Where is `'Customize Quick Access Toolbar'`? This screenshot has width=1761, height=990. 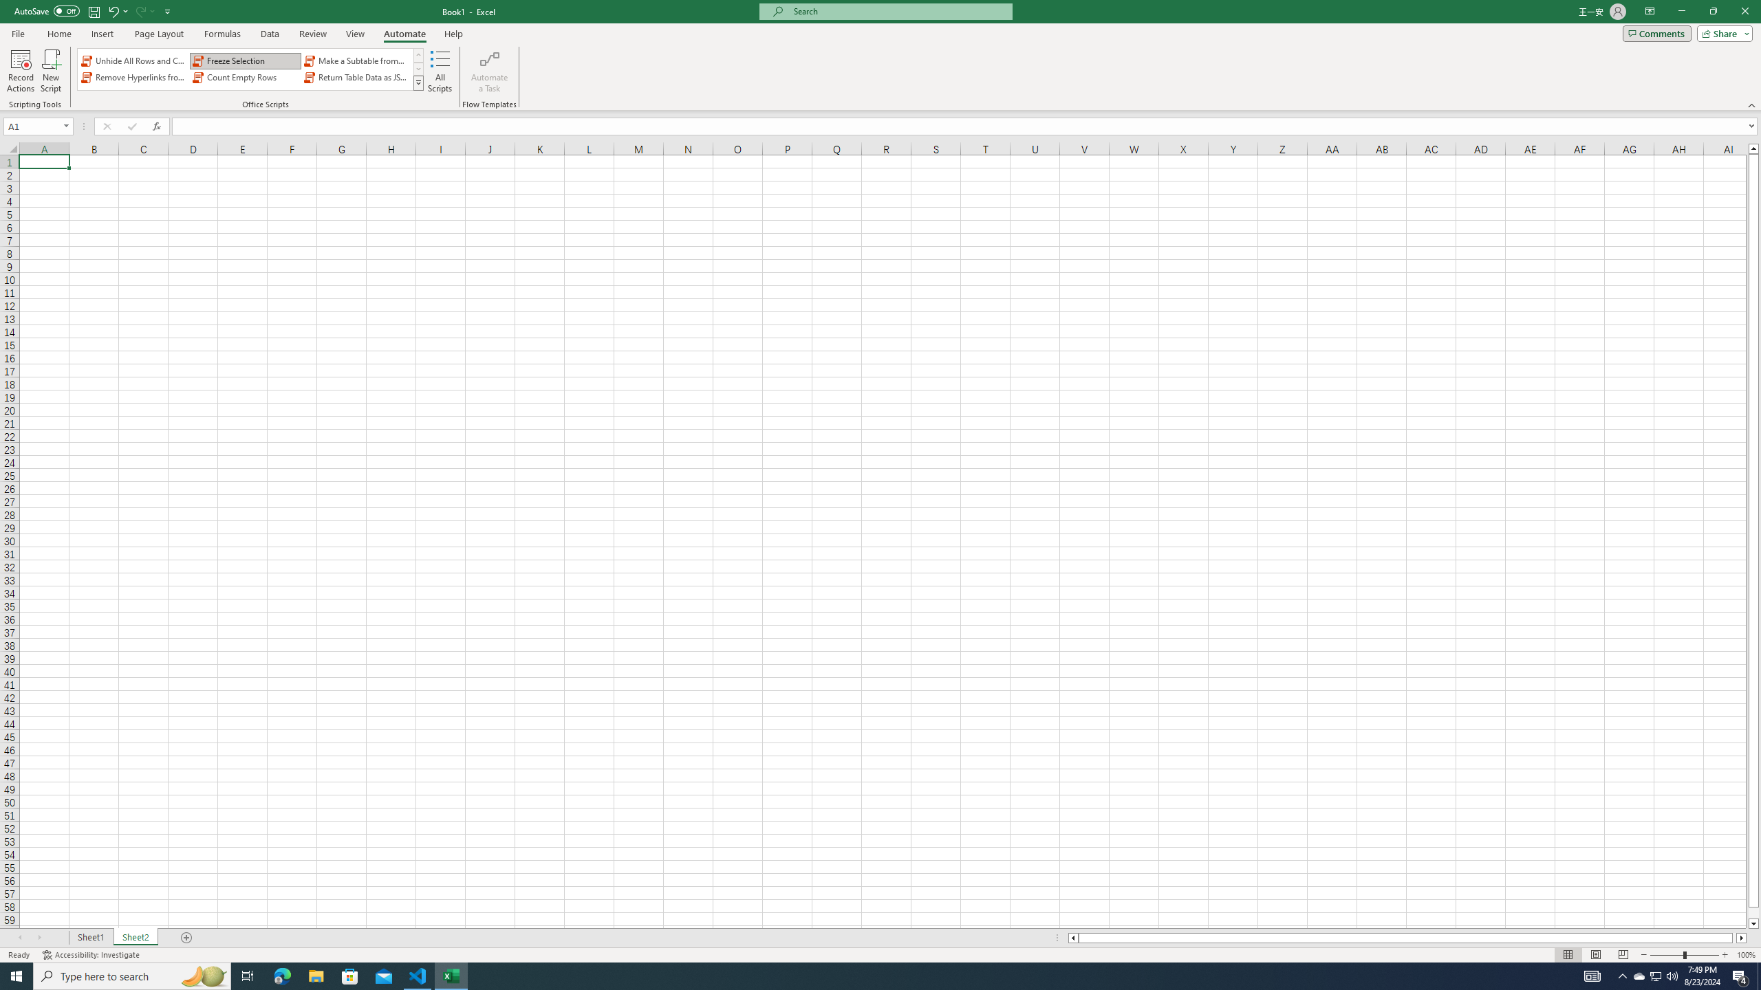
'Customize Quick Access Toolbar' is located at coordinates (168, 10).